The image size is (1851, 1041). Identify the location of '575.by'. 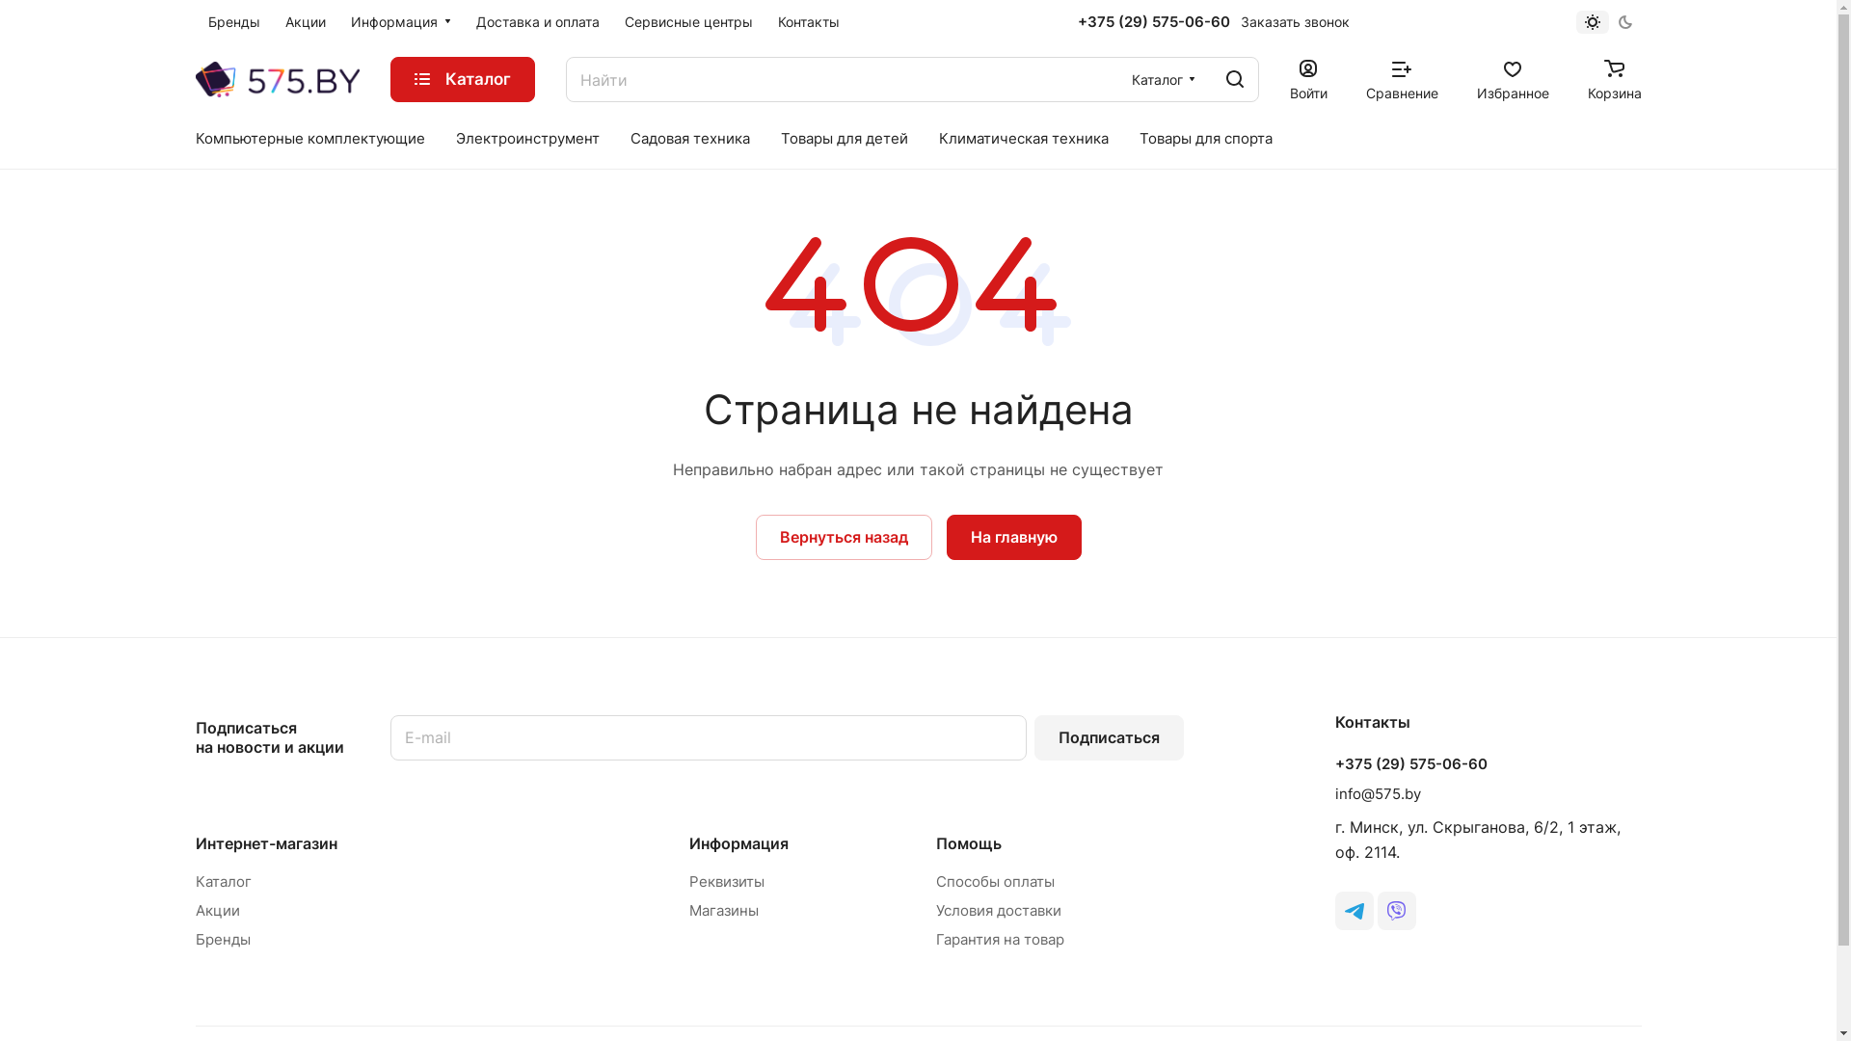
(276, 78).